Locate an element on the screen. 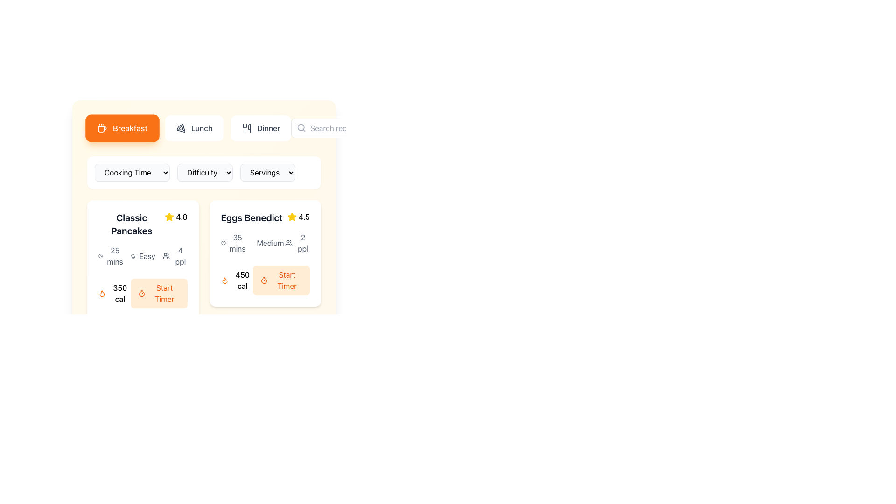 This screenshot has height=504, width=896. the 'Dinner' button in the navigation bar, which features a fork and knife icon on the left and dark gray text labeled 'Dinner' is located at coordinates (261, 128).